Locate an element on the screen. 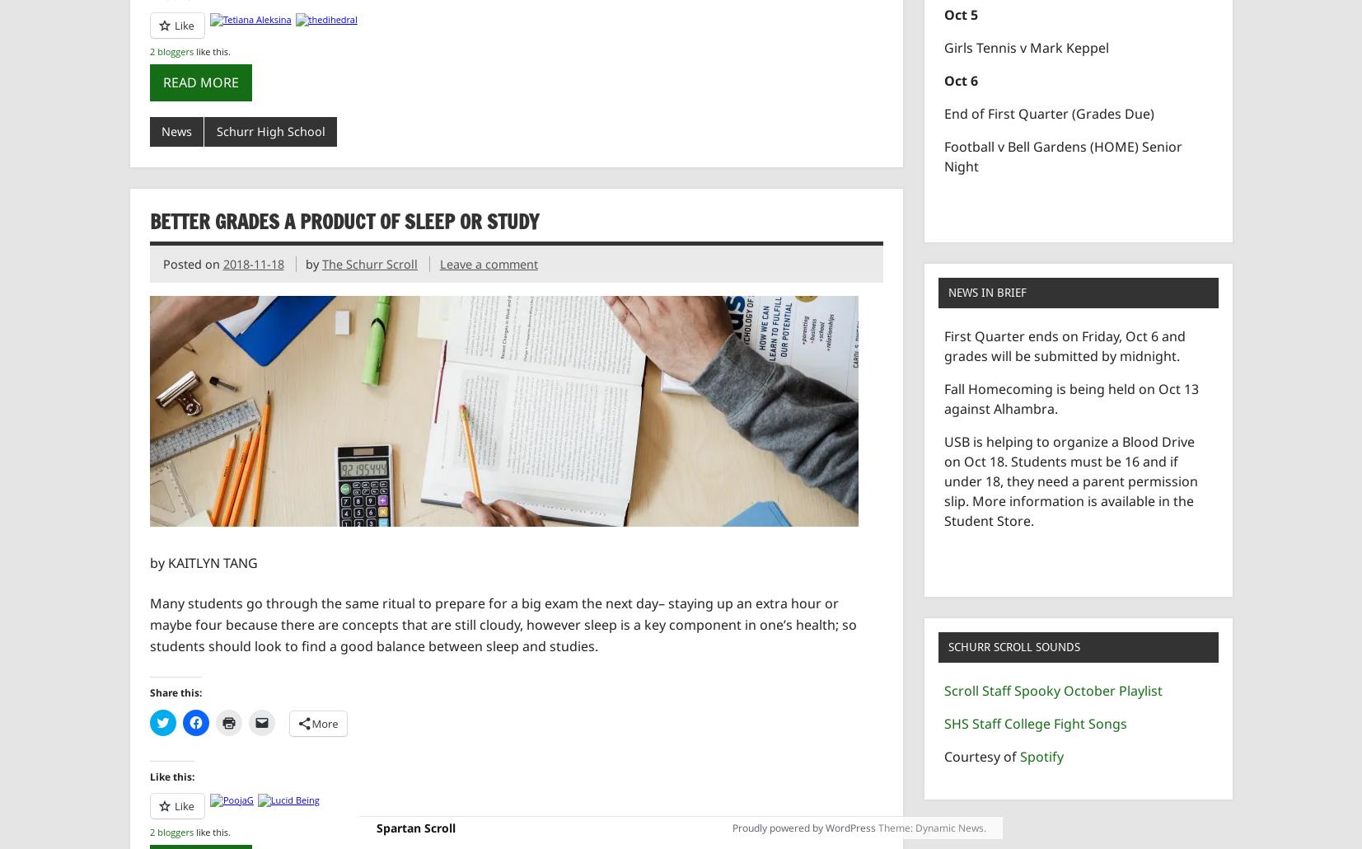  'End of First Quarter (Grades Due)' is located at coordinates (1049, 111).